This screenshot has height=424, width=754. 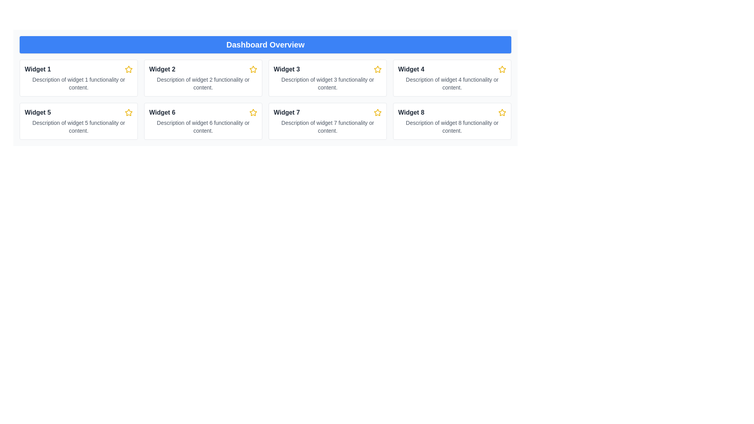 I want to click on text displayed in the bold 'Widget 4' title of the Text Label element located in the second row, second column of the dashboard layout, so click(x=411, y=69).